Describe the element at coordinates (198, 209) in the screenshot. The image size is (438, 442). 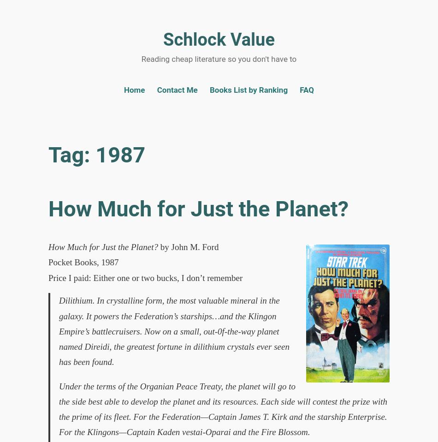
I see `'How Much for Just the Planet?'` at that location.